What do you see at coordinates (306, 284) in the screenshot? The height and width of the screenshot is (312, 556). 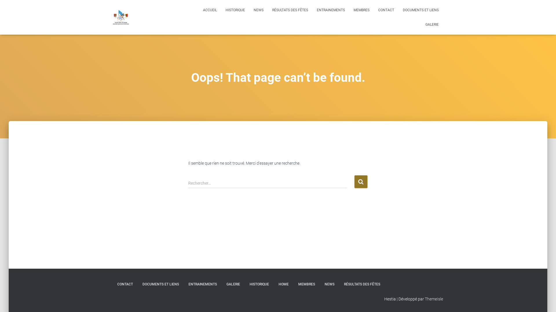 I see `'MEMBRES'` at bounding box center [306, 284].